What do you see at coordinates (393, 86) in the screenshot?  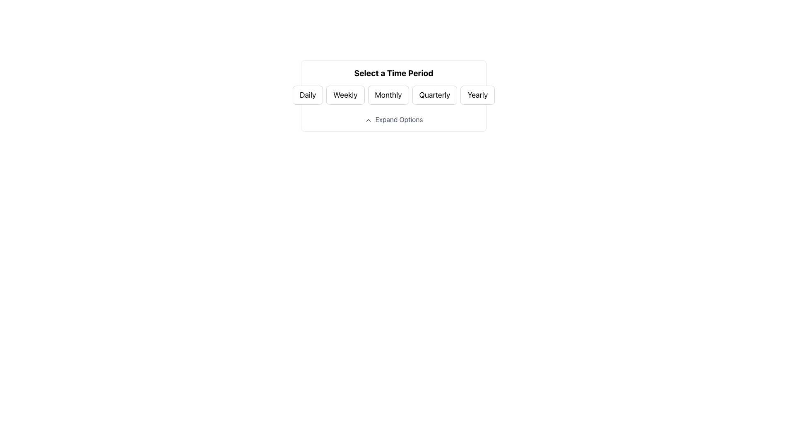 I see `any of the buttons in the 'Select a Time Period' control group` at bounding box center [393, 86].